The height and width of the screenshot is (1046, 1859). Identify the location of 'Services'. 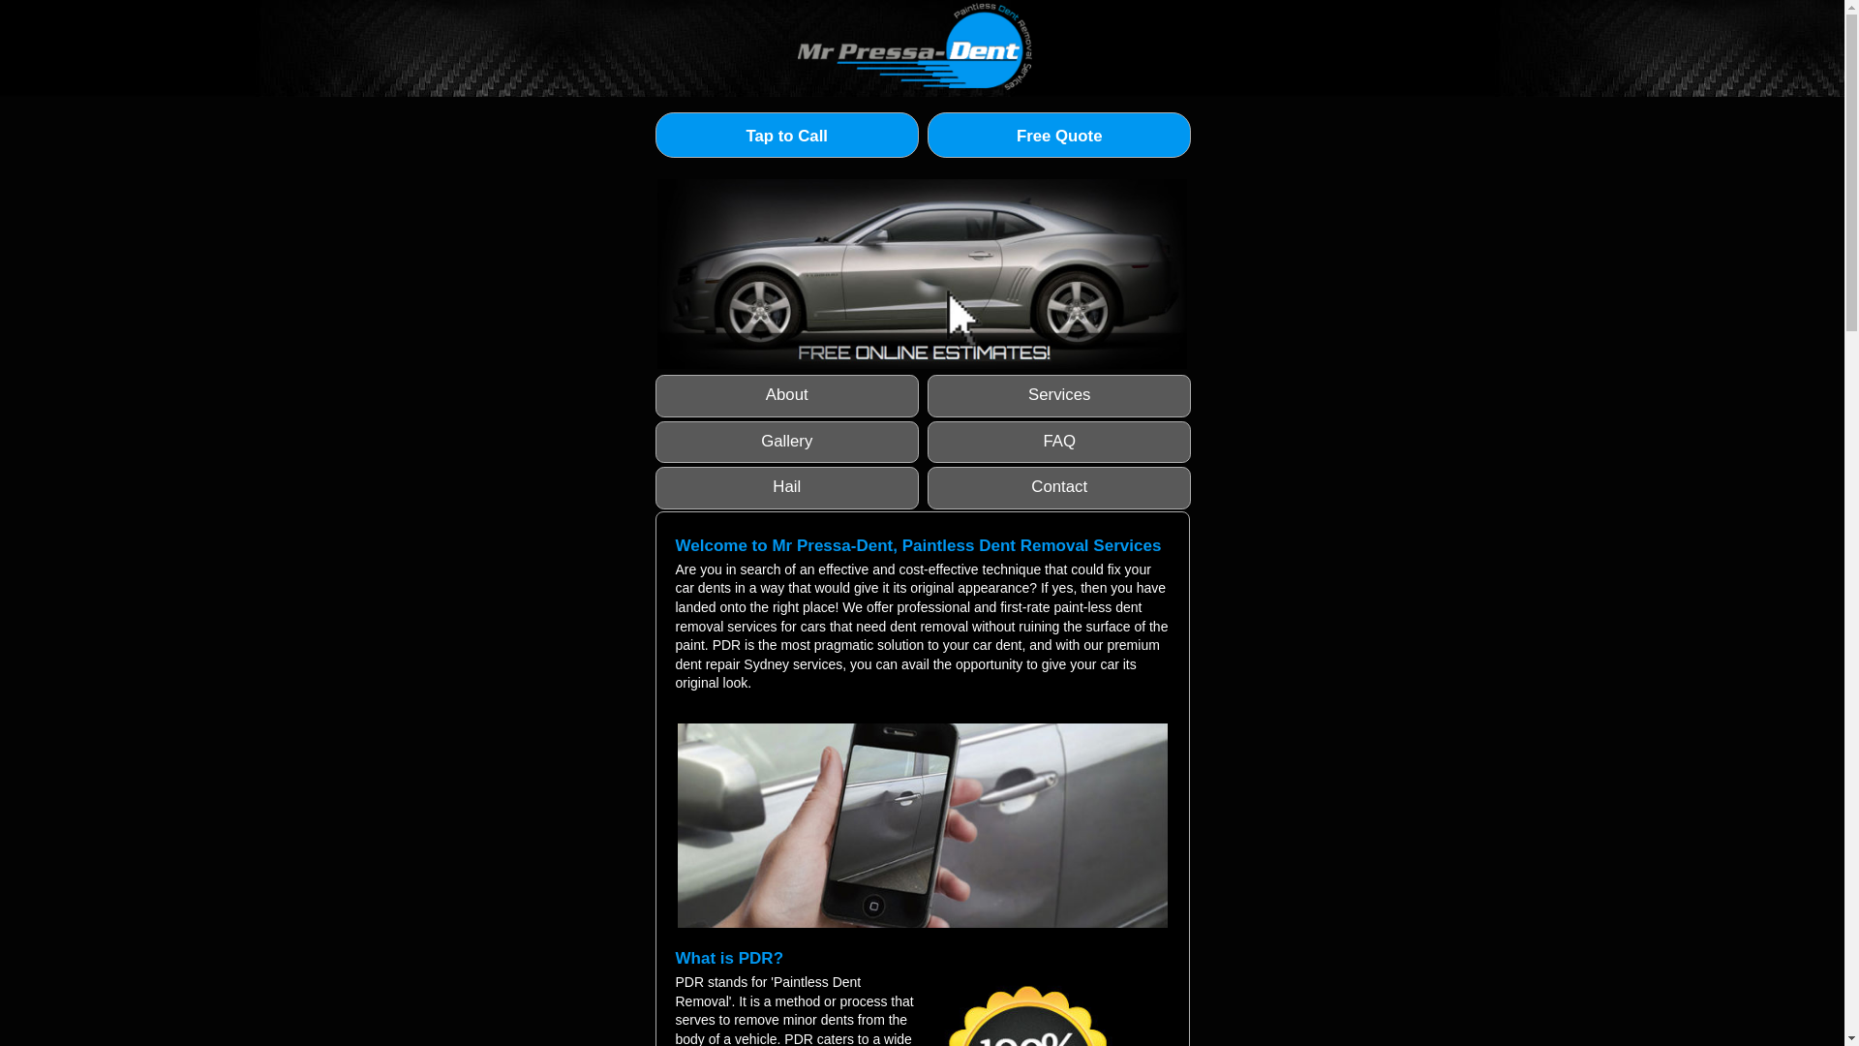
(1058, 394).